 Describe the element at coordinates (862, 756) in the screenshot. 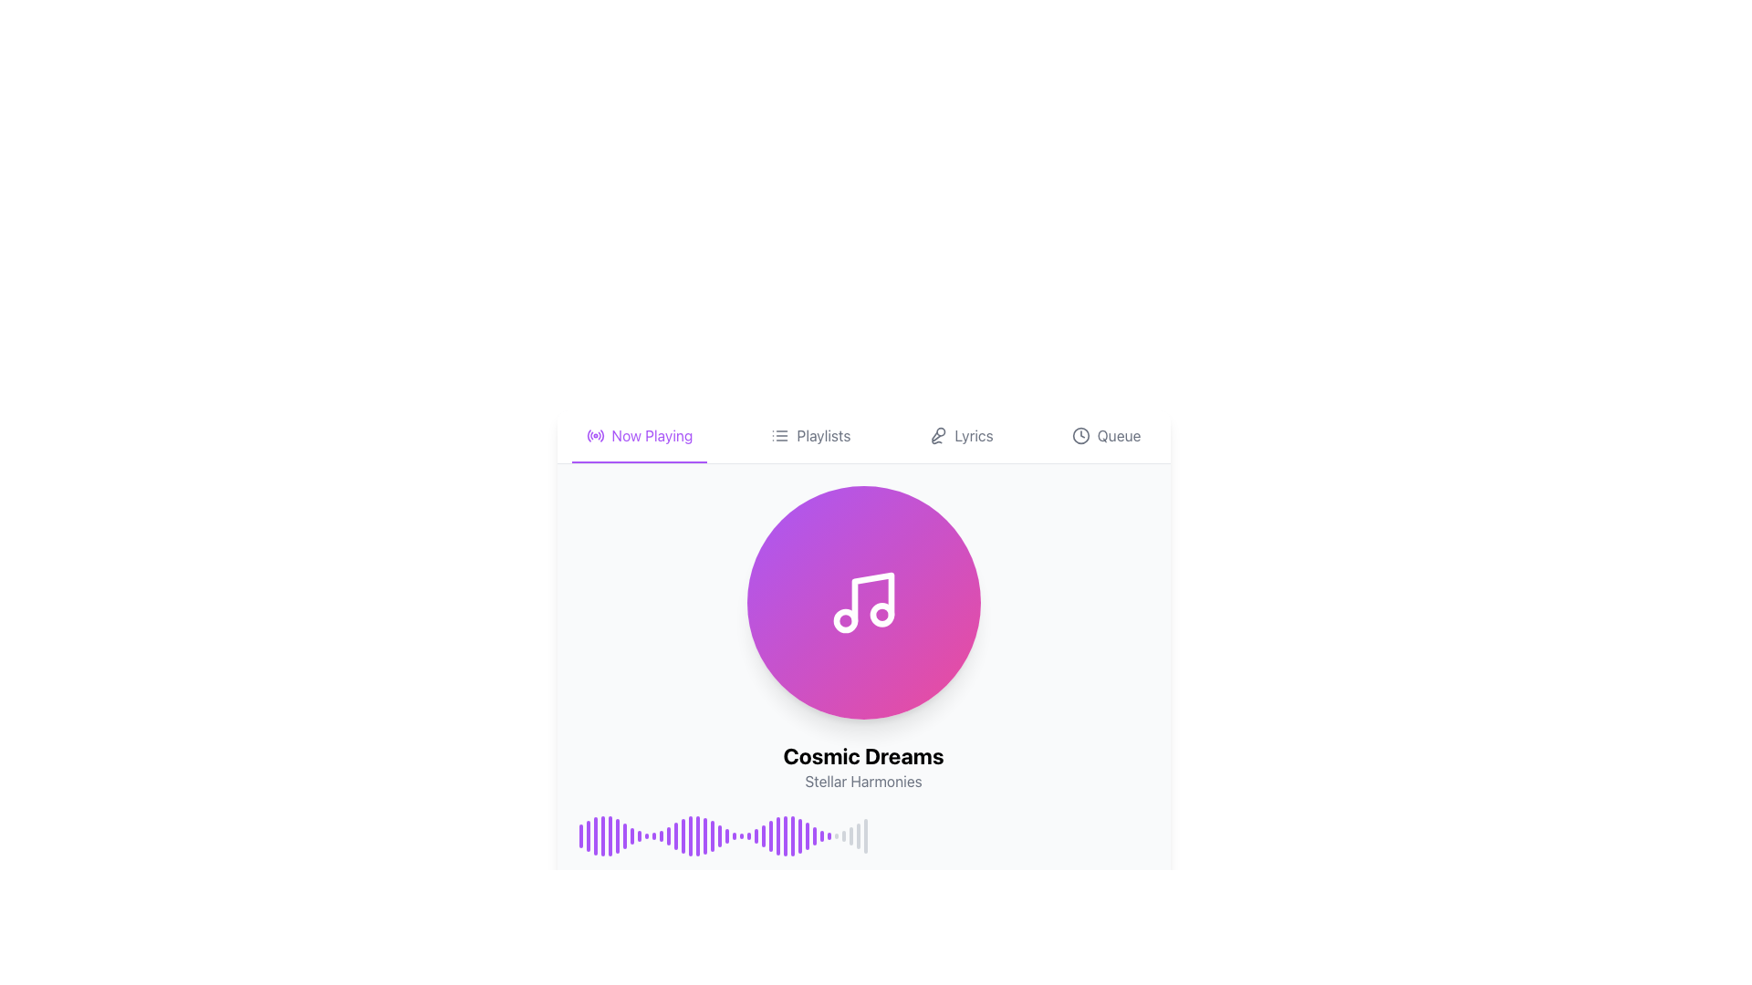

I see `bold black text 'Cosmic Dreams' that is positioned below a circular music icon and above the subtitle 'Stellar Harmonies'` at that location.